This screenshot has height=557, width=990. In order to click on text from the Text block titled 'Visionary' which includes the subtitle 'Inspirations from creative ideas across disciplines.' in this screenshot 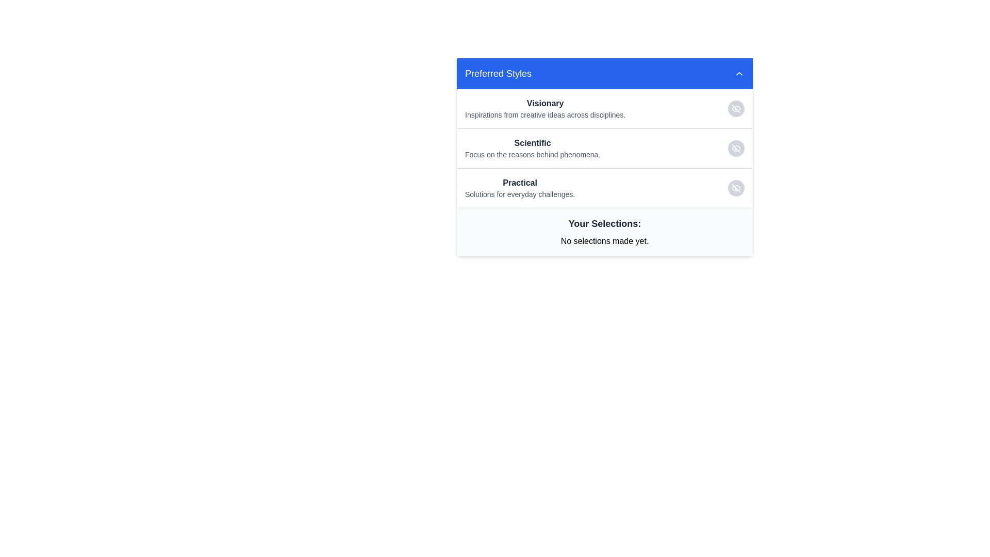, I will do `click(544, 109)`.